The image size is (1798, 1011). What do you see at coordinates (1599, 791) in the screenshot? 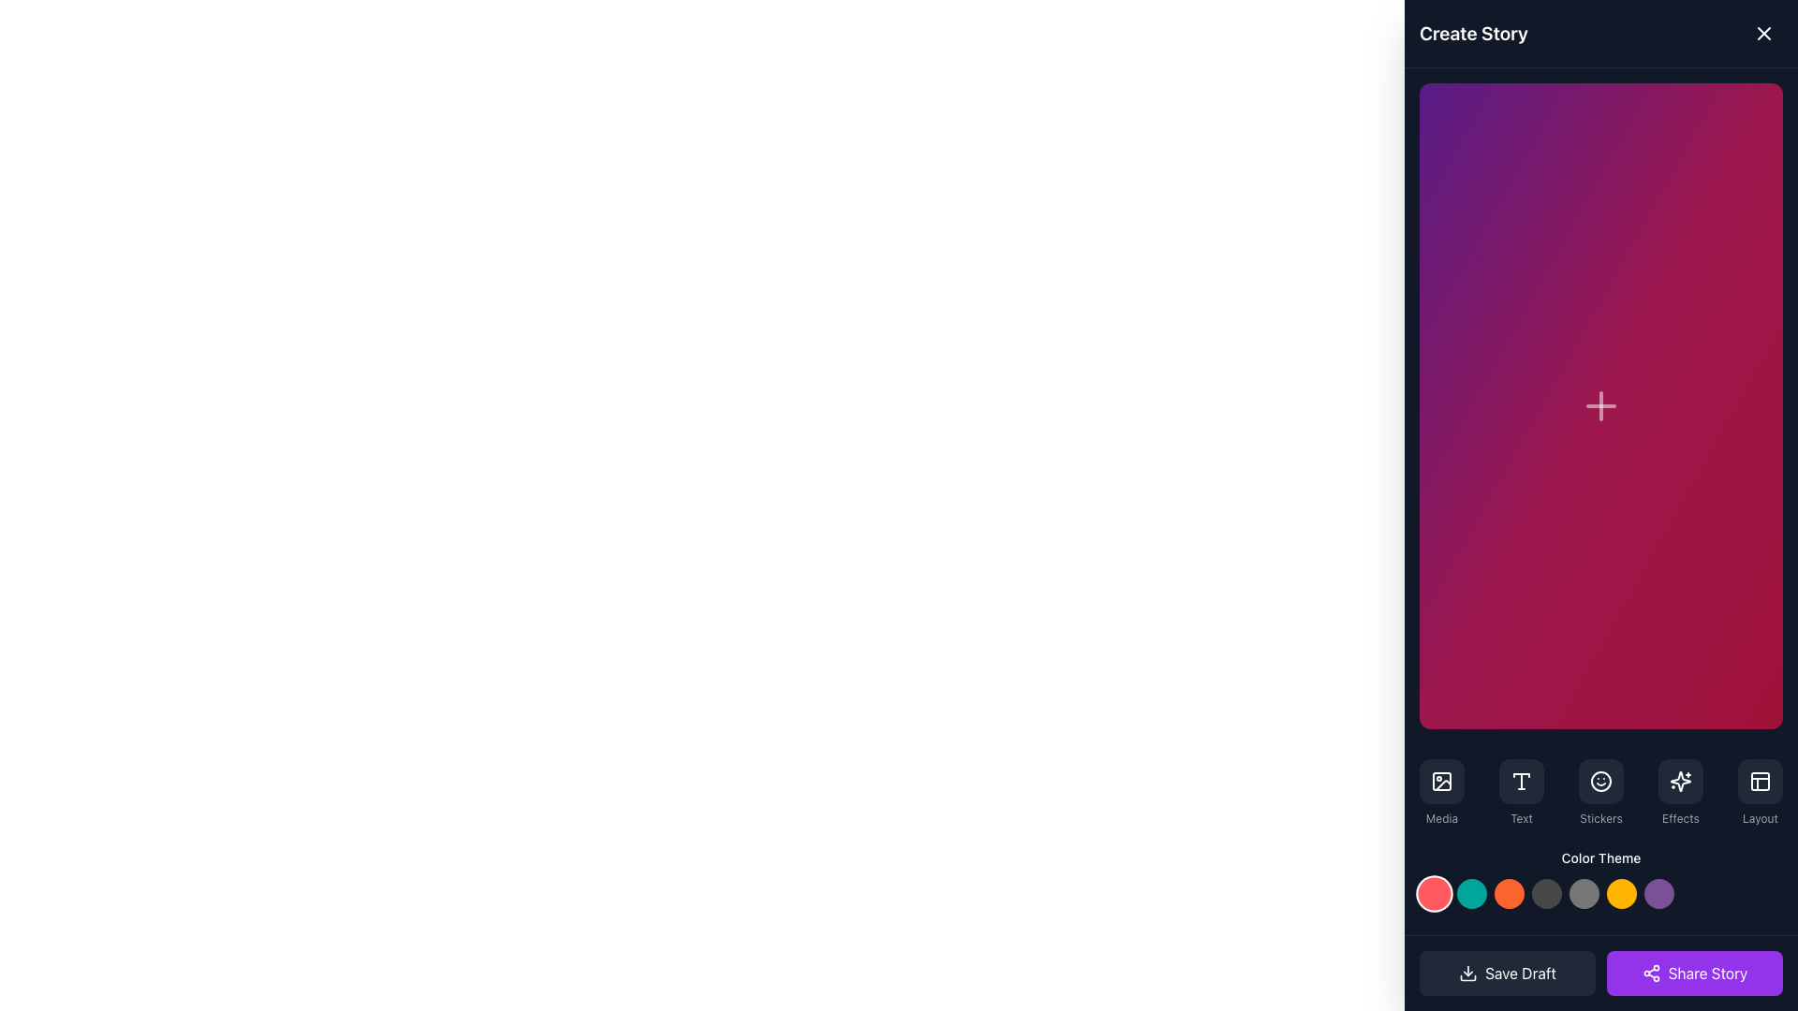
I see `the 'Stickers' button, which features a smiley face icon and is the third button in a series of five at the bottom of the sidebar` at bounding box center [1599, 791].